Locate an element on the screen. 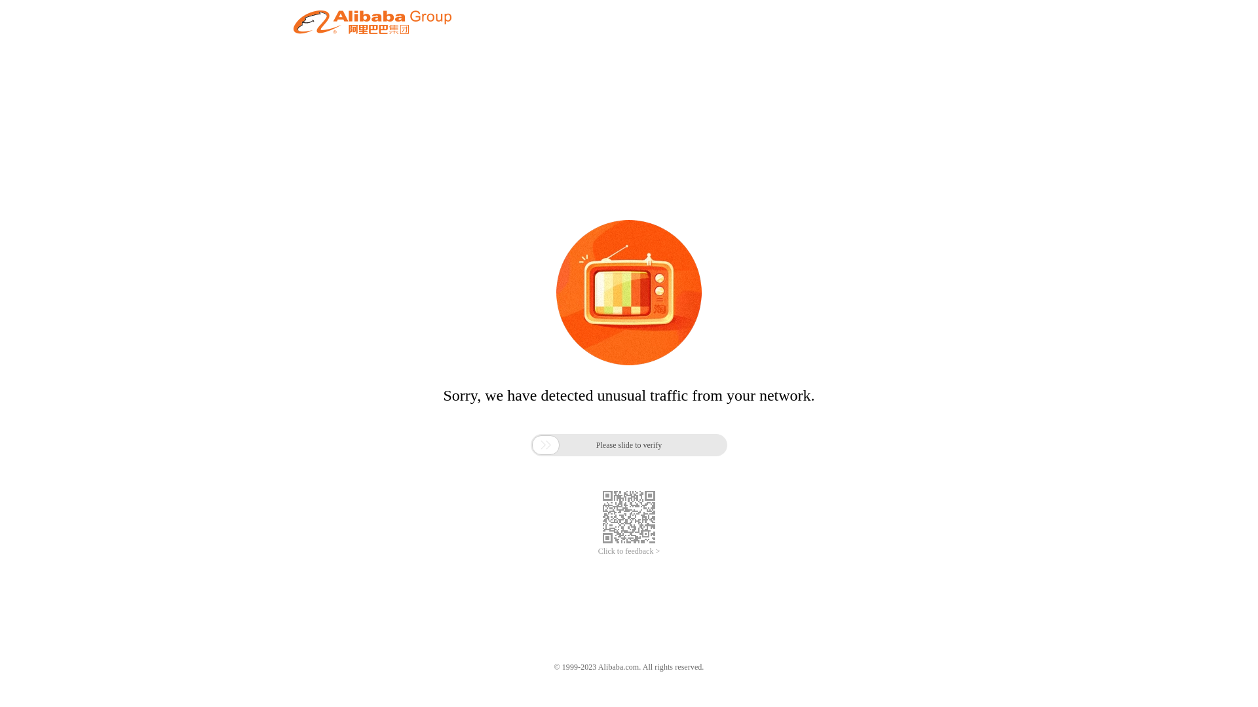 The width and height of the screenshot is (1258, 707). 'Click to feedback >' is located at coordinates (597, 551).